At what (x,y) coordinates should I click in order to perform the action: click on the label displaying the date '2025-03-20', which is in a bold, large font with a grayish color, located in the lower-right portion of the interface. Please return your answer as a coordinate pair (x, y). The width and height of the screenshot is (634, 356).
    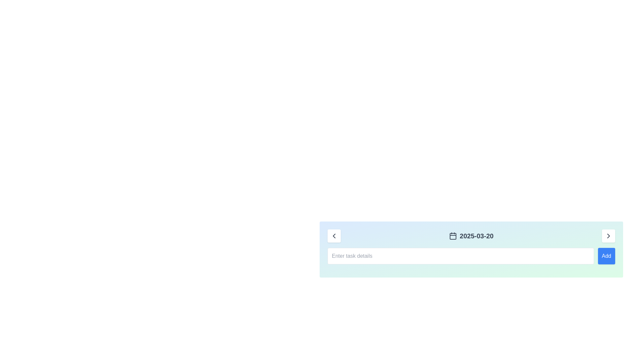
    Looking at the image, I should click on (476, 236).